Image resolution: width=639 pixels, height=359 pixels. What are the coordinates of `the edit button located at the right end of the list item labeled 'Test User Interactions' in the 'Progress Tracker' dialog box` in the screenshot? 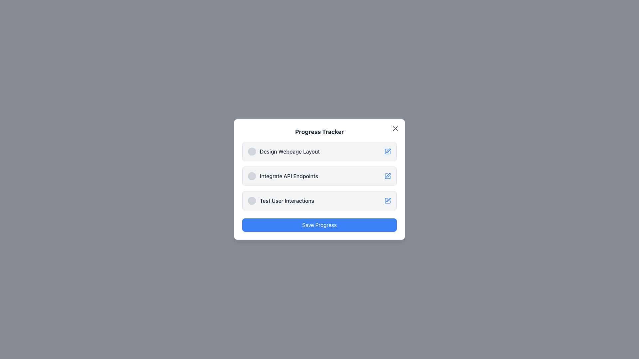 It's located at (388, 200).